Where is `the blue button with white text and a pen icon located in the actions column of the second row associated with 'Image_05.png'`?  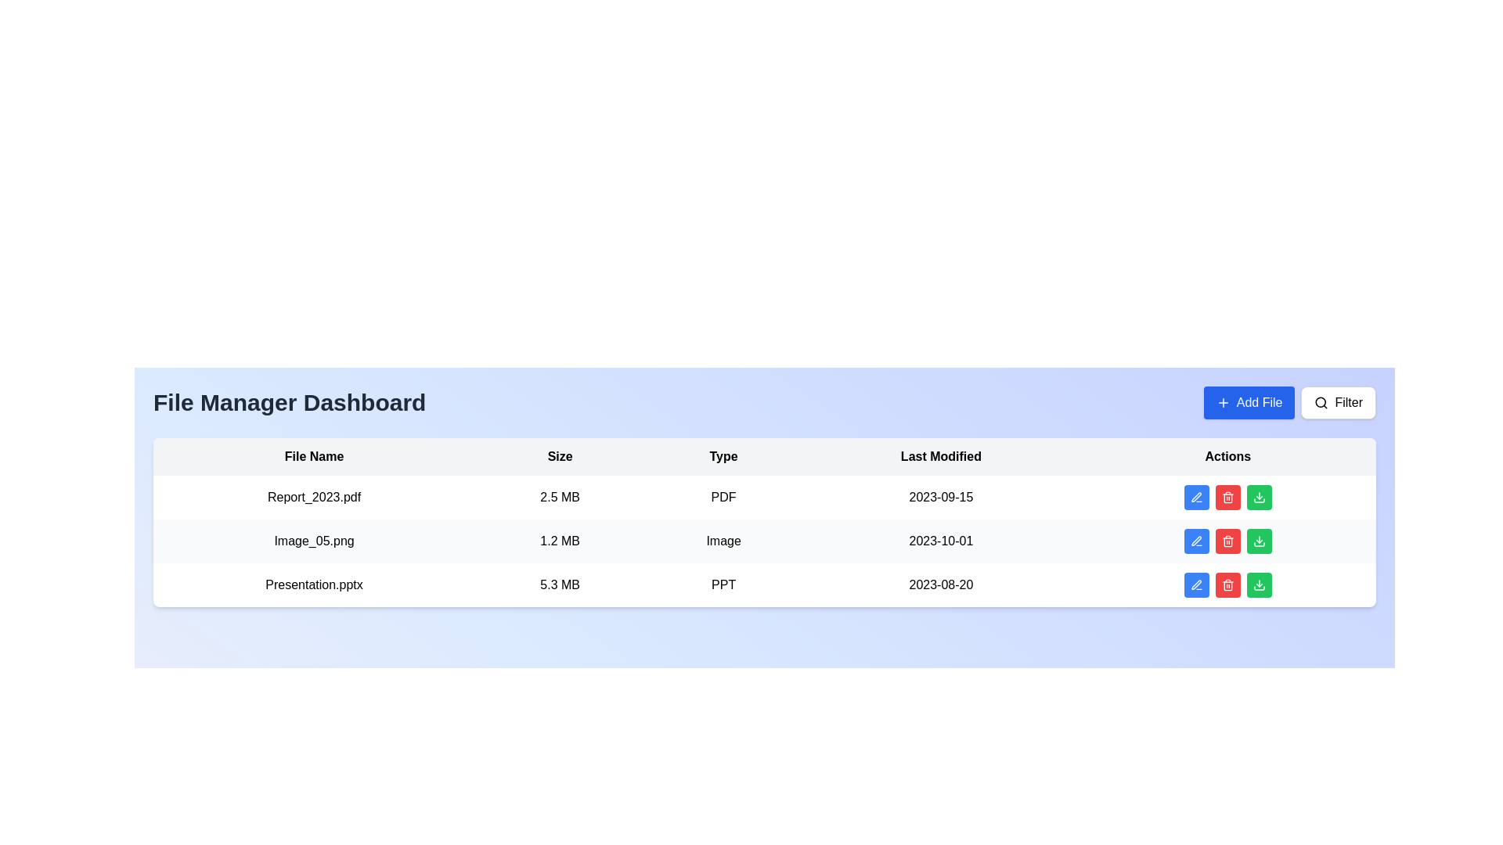
the blue button with white text and a pen icon located in the actions column of the second row associated with 'Image_05.png' is located at coordinates (1195, 540).